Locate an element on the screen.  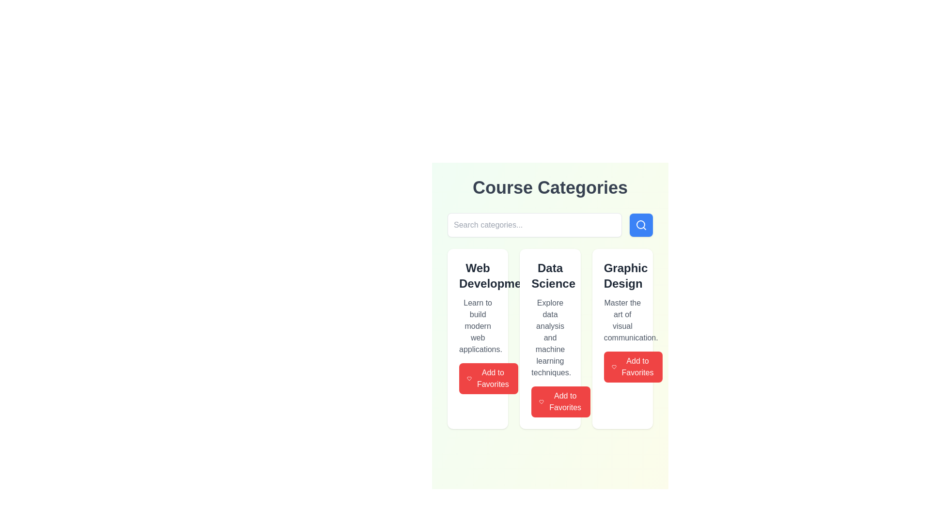
descriptive text component that provides additional information about the 'Graphic Design' category, positioned below the title and above the 'Add to Favorites' button is located at coordinates (622, 321).